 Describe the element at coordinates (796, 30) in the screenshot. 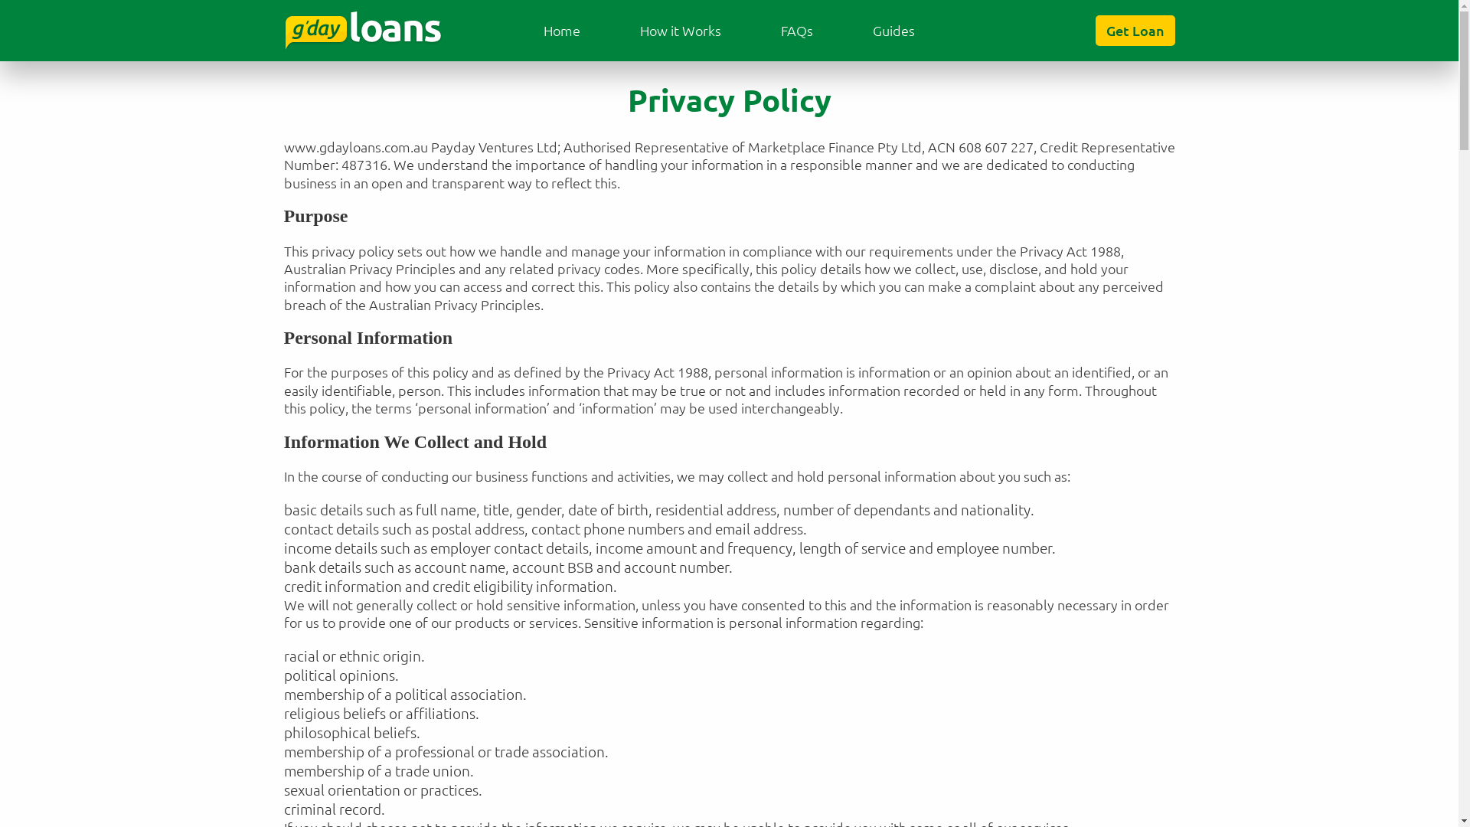

I see `'FAQs'` at that location.